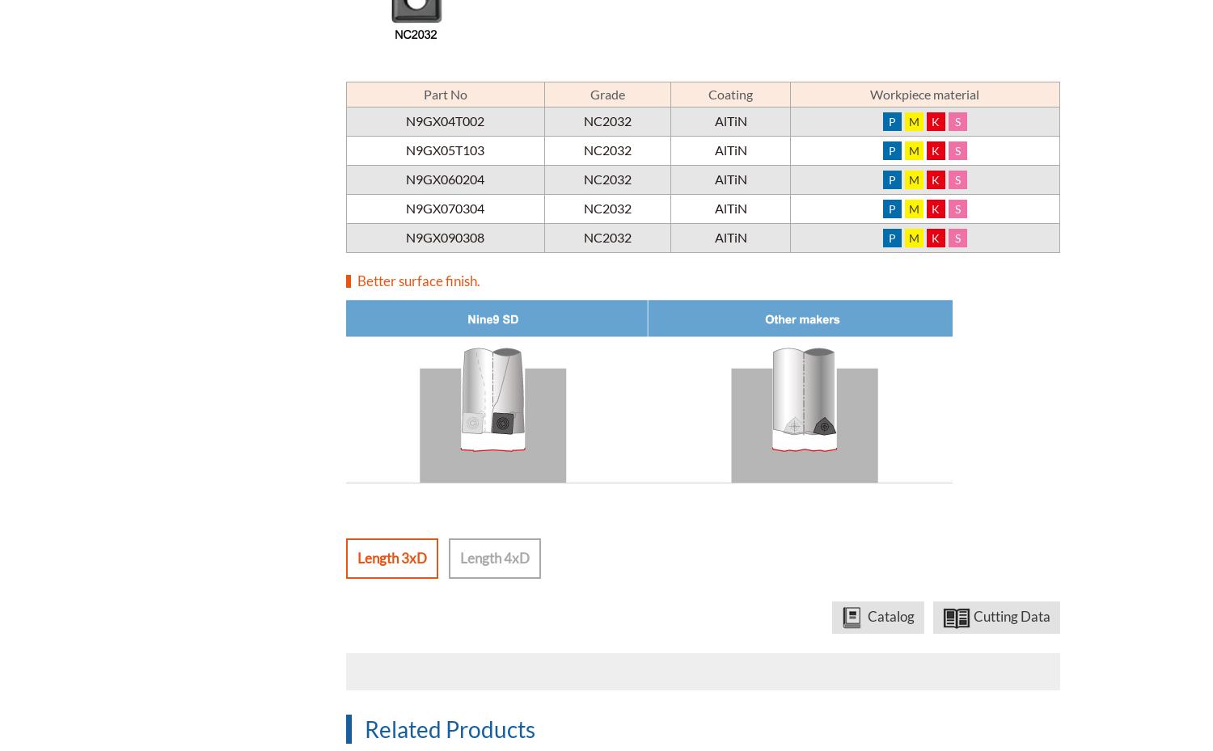  What do you see at coordinates (1012, 614) in the screenshot?
I see `'Cutting Data'` at bounding box center [1012, 614].